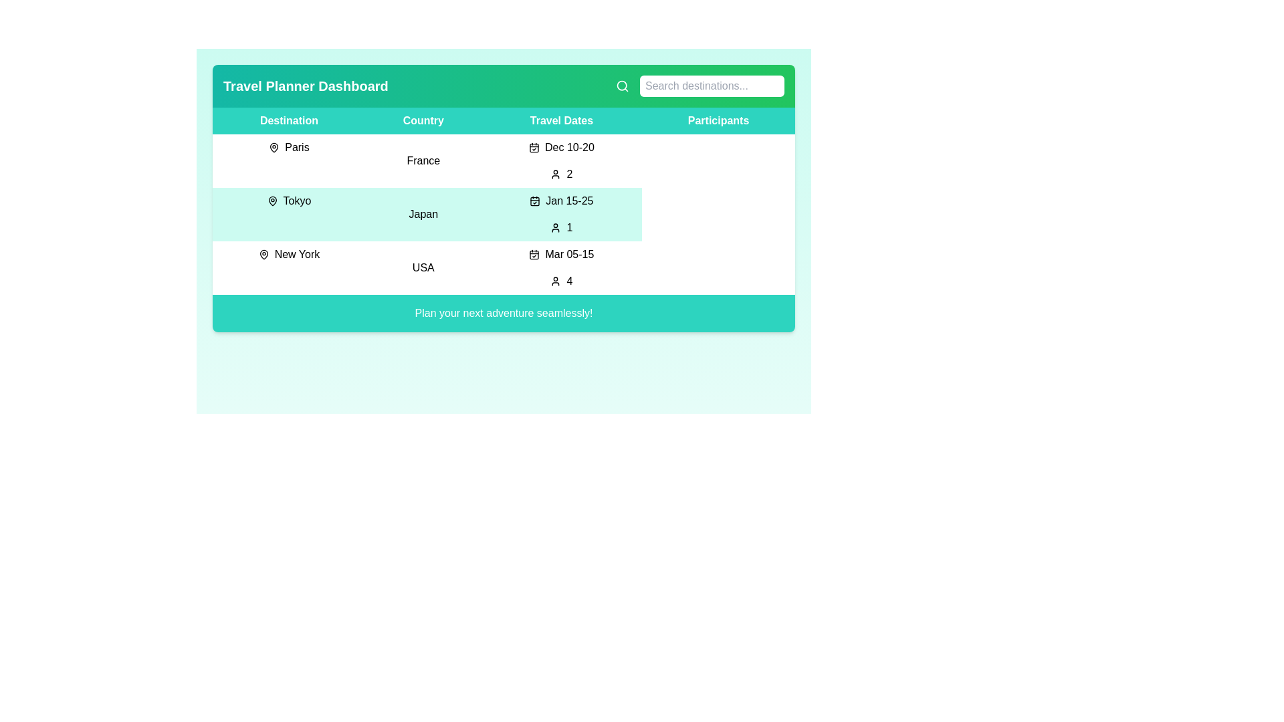  What do you see at coordinates (533, 147) in the screenshot?
I see `the calendar icon located in the 'Travel Dates' column for the 'Paris' row` at bounding box center [533, 147].